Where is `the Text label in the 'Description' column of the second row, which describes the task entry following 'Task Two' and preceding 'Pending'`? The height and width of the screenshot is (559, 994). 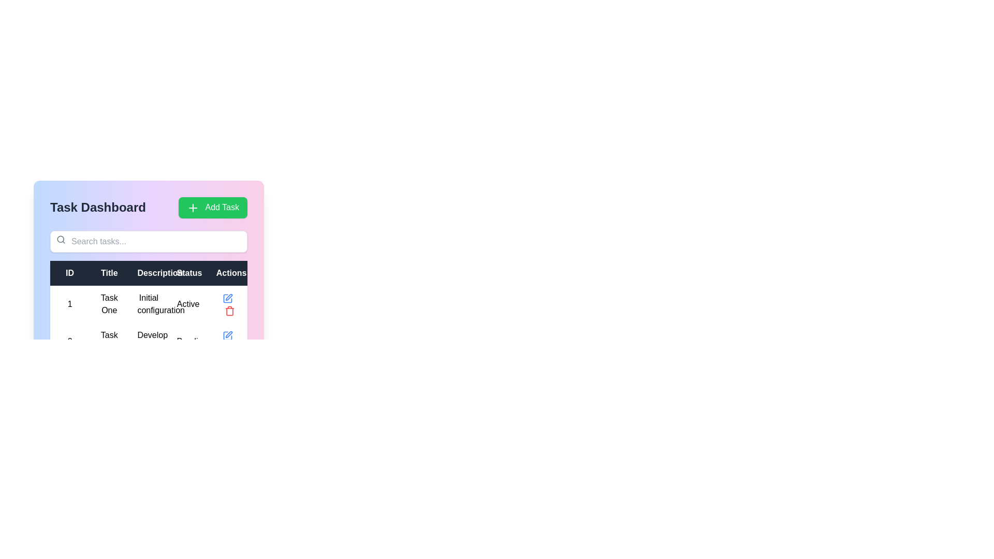
the Text label in the 'Description' column of the second row, which describes the task entry following 'Task Two' and preceding 'Pending' is located at coordinates (148, 341).